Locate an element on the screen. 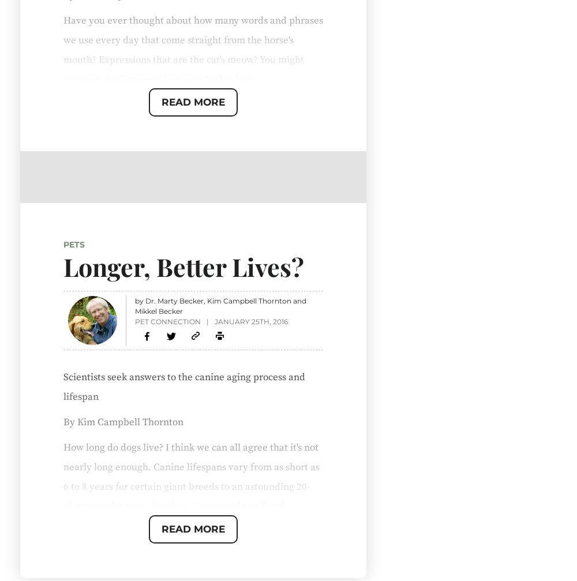 The height and width of the screenshot is (581, 577). 'Pet Connection' is located at coordinates (134, 320).